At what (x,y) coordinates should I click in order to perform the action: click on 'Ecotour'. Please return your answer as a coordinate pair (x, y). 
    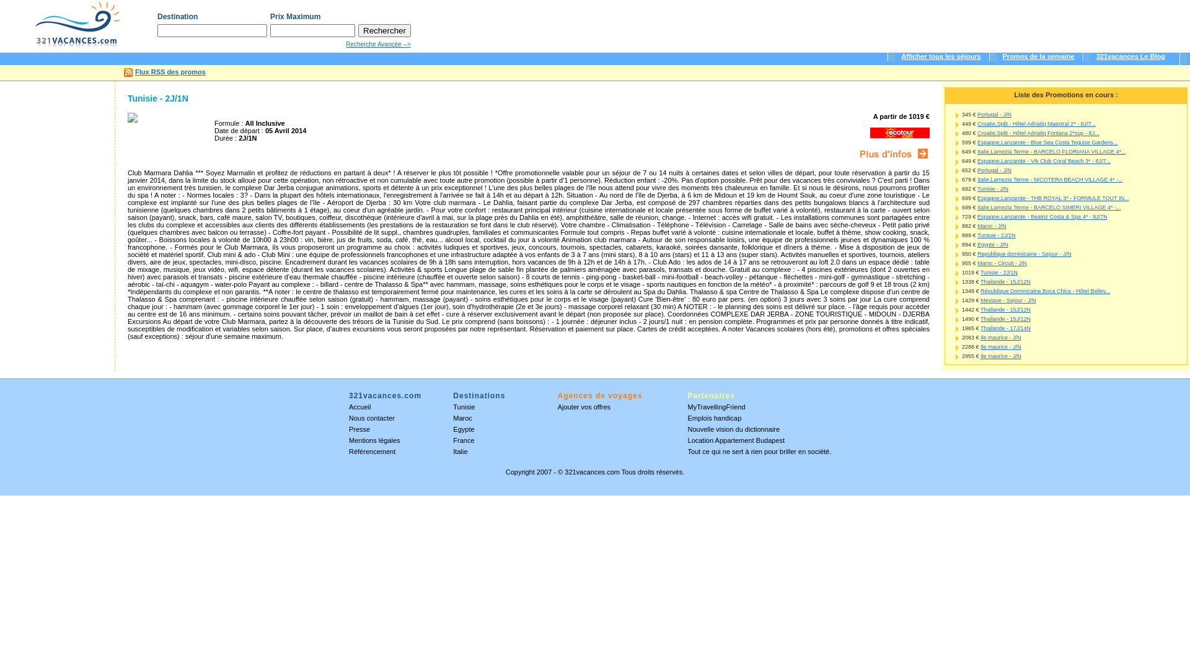
    Looking at the image, I should click on (893, 152).